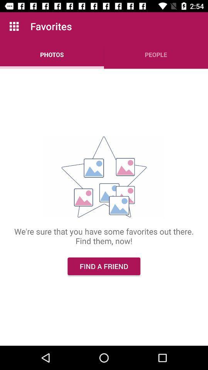  I want to click on app above photos app, so click(14, 26).